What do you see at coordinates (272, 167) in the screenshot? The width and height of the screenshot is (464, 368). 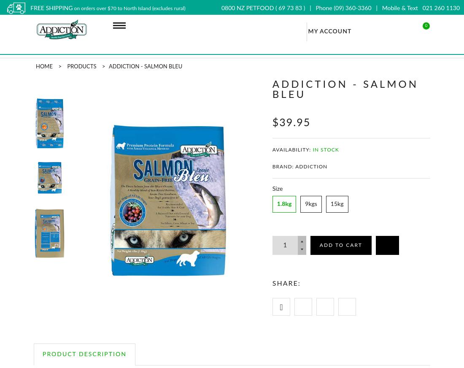 I see `'Brand: Addiction'` at bounding box center [272, 167].